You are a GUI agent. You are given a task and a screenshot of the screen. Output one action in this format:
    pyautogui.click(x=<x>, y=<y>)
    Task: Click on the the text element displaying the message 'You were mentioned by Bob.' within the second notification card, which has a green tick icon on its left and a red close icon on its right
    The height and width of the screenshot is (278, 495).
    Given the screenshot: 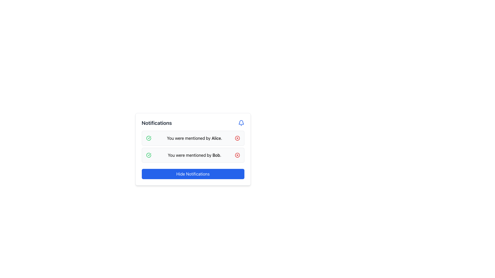 What is the action you would take?
    pyautogui.click(x=194, y=155)
    